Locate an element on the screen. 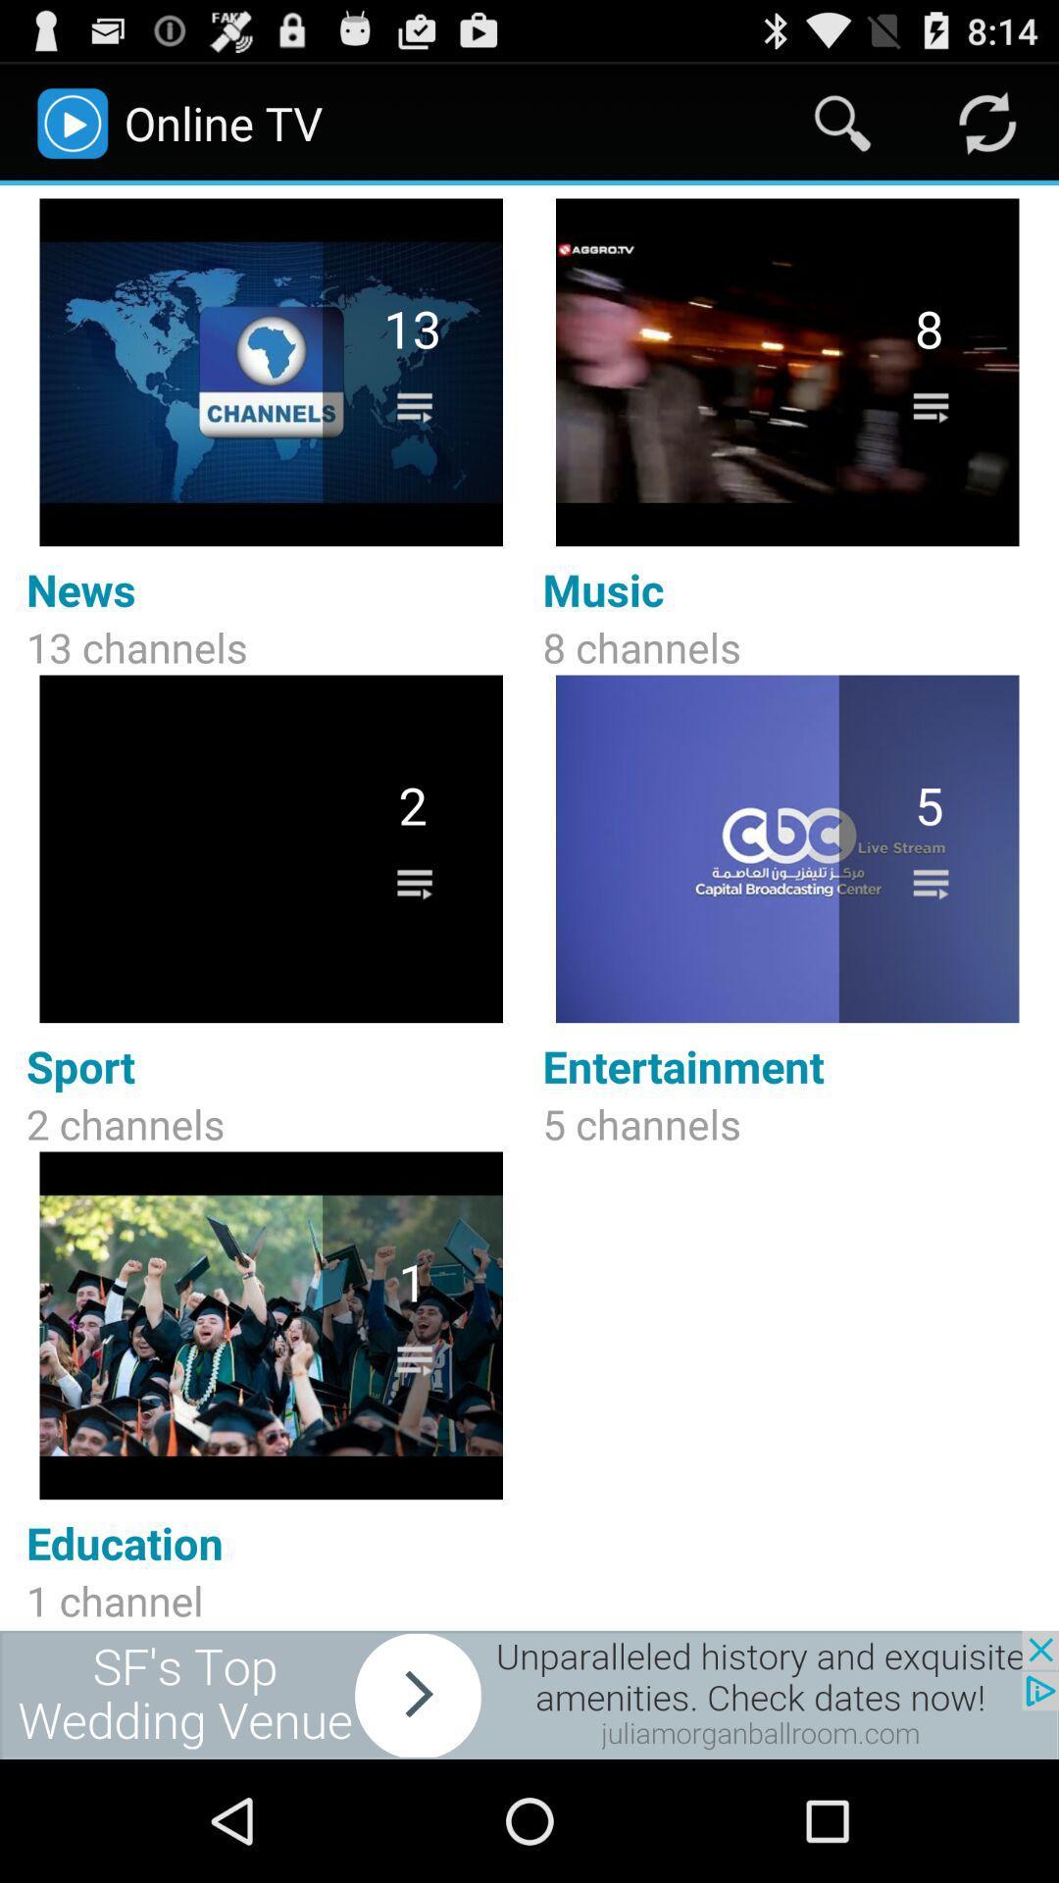 The width and height of the screenshot is (1059, 1883). refresh is located at coordinates (986, 122).